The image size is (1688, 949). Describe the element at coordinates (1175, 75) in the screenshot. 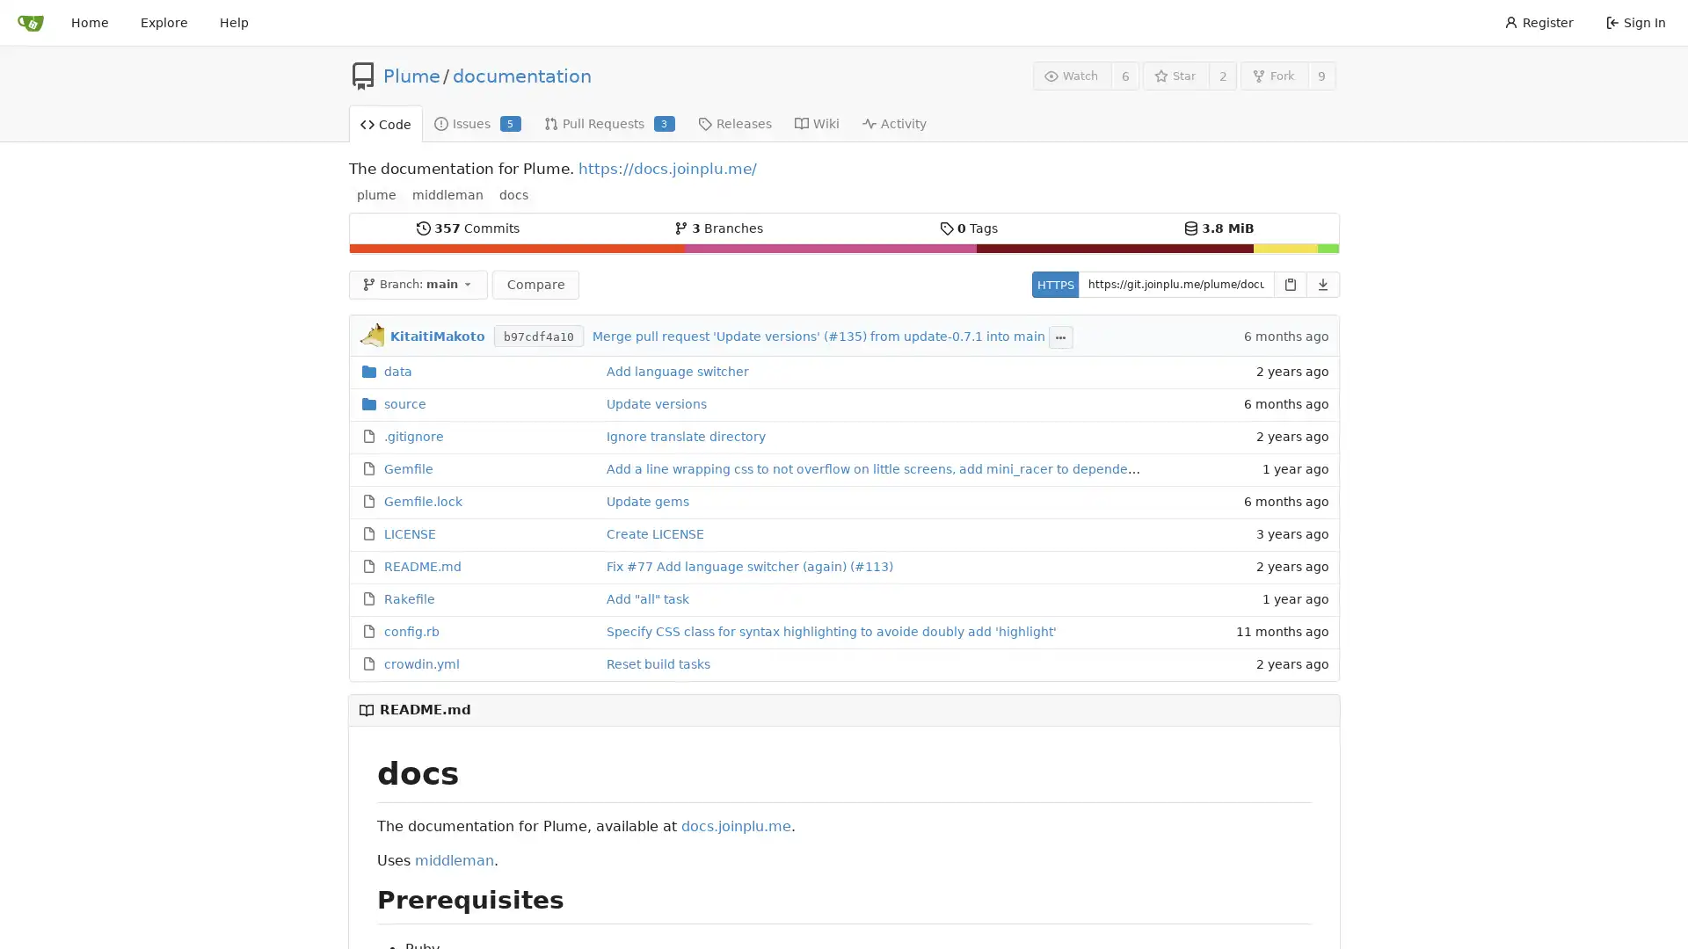

I see `Star` at that location.